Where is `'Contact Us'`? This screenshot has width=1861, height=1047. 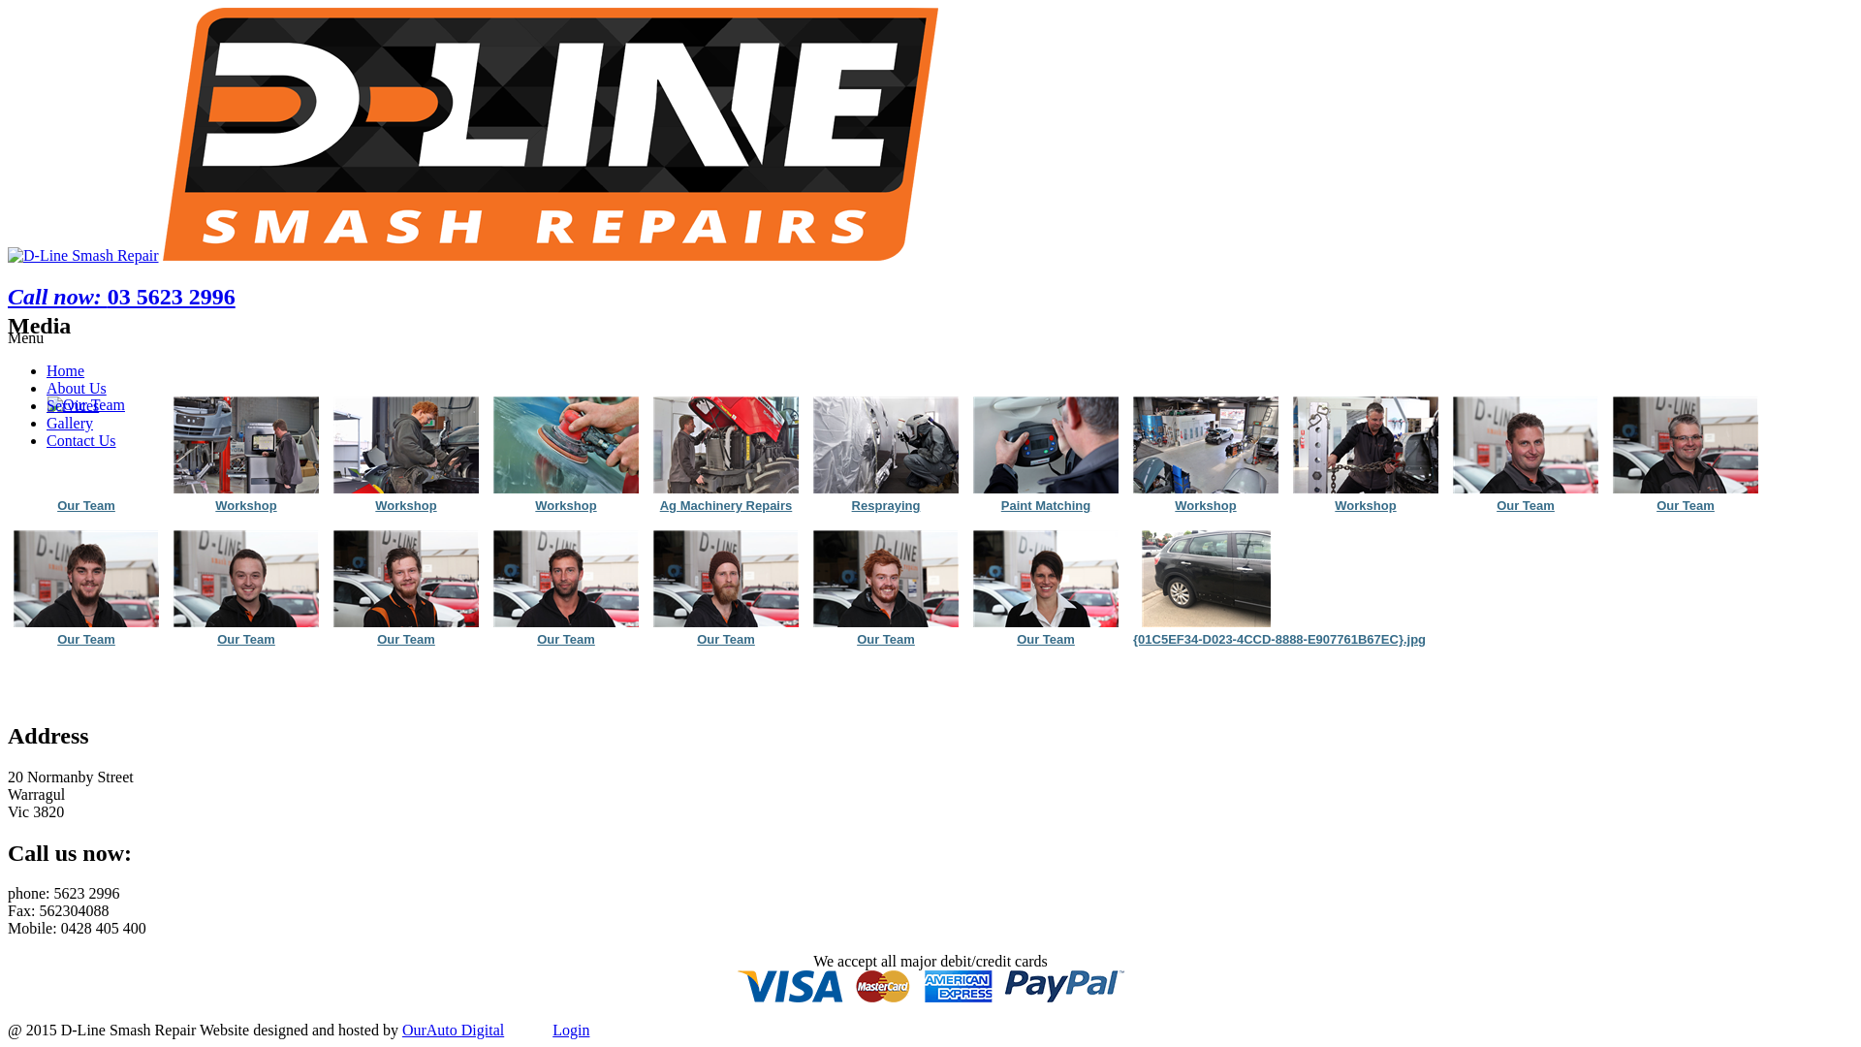
'Contact Us' is located at coordinates (79, 440).